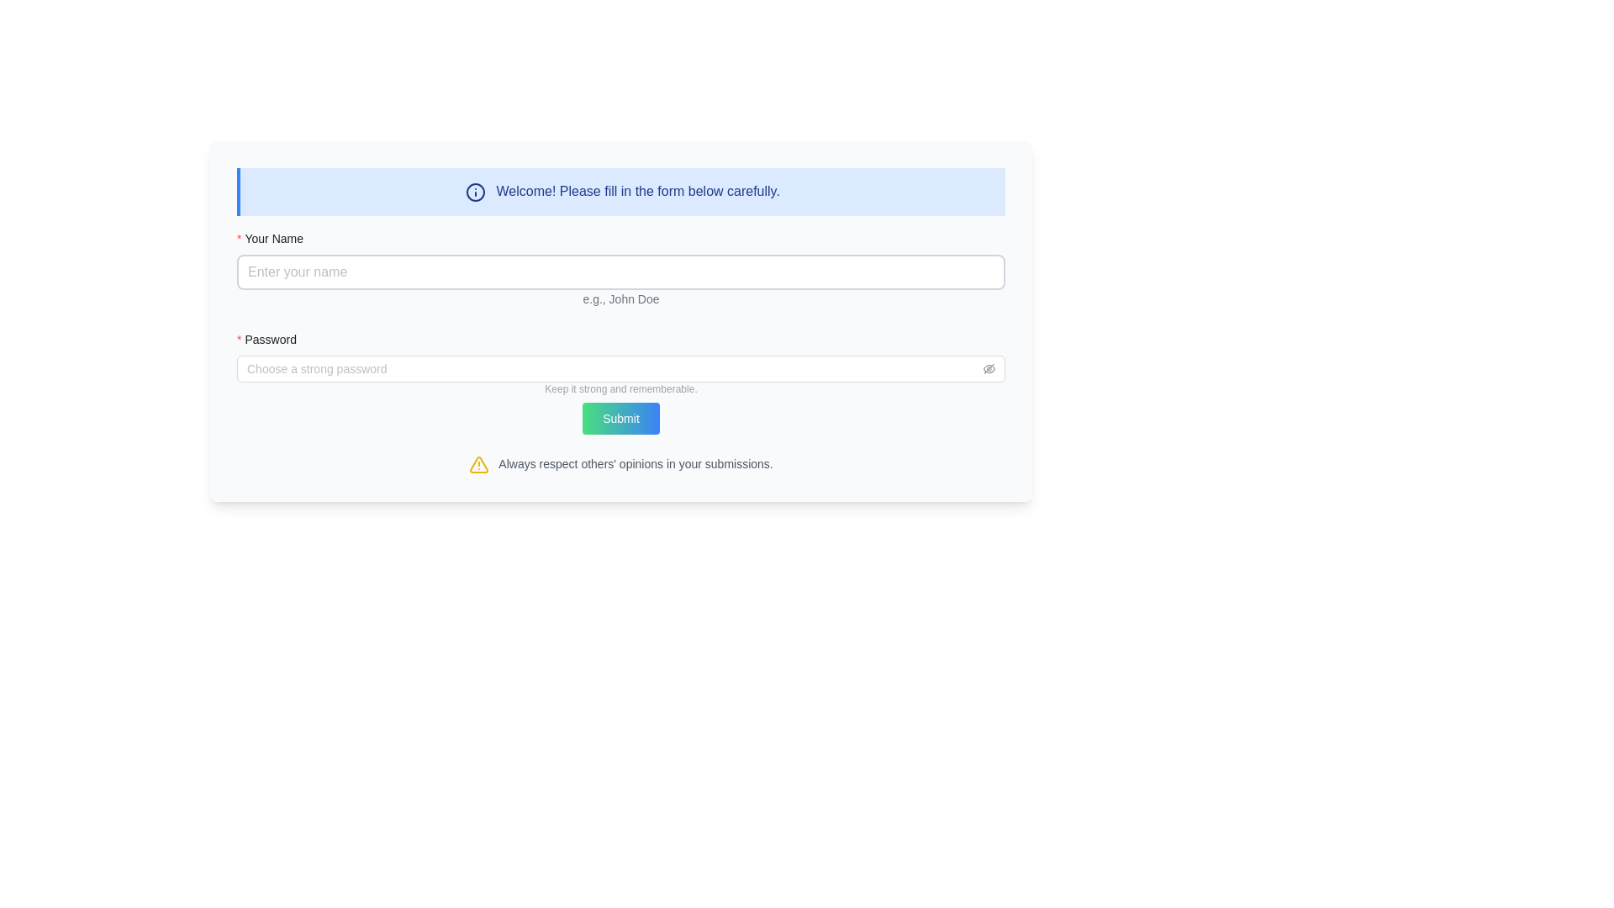 The image size is (1614, 908). What do you see at coordinates (475, 191) in the screenshot?
I see `the icon located to the left of the text 'Welcome! Please fill in the form below carefully.' in the blue-tinted message box at the top of the form` at bounding box center [475, 191].